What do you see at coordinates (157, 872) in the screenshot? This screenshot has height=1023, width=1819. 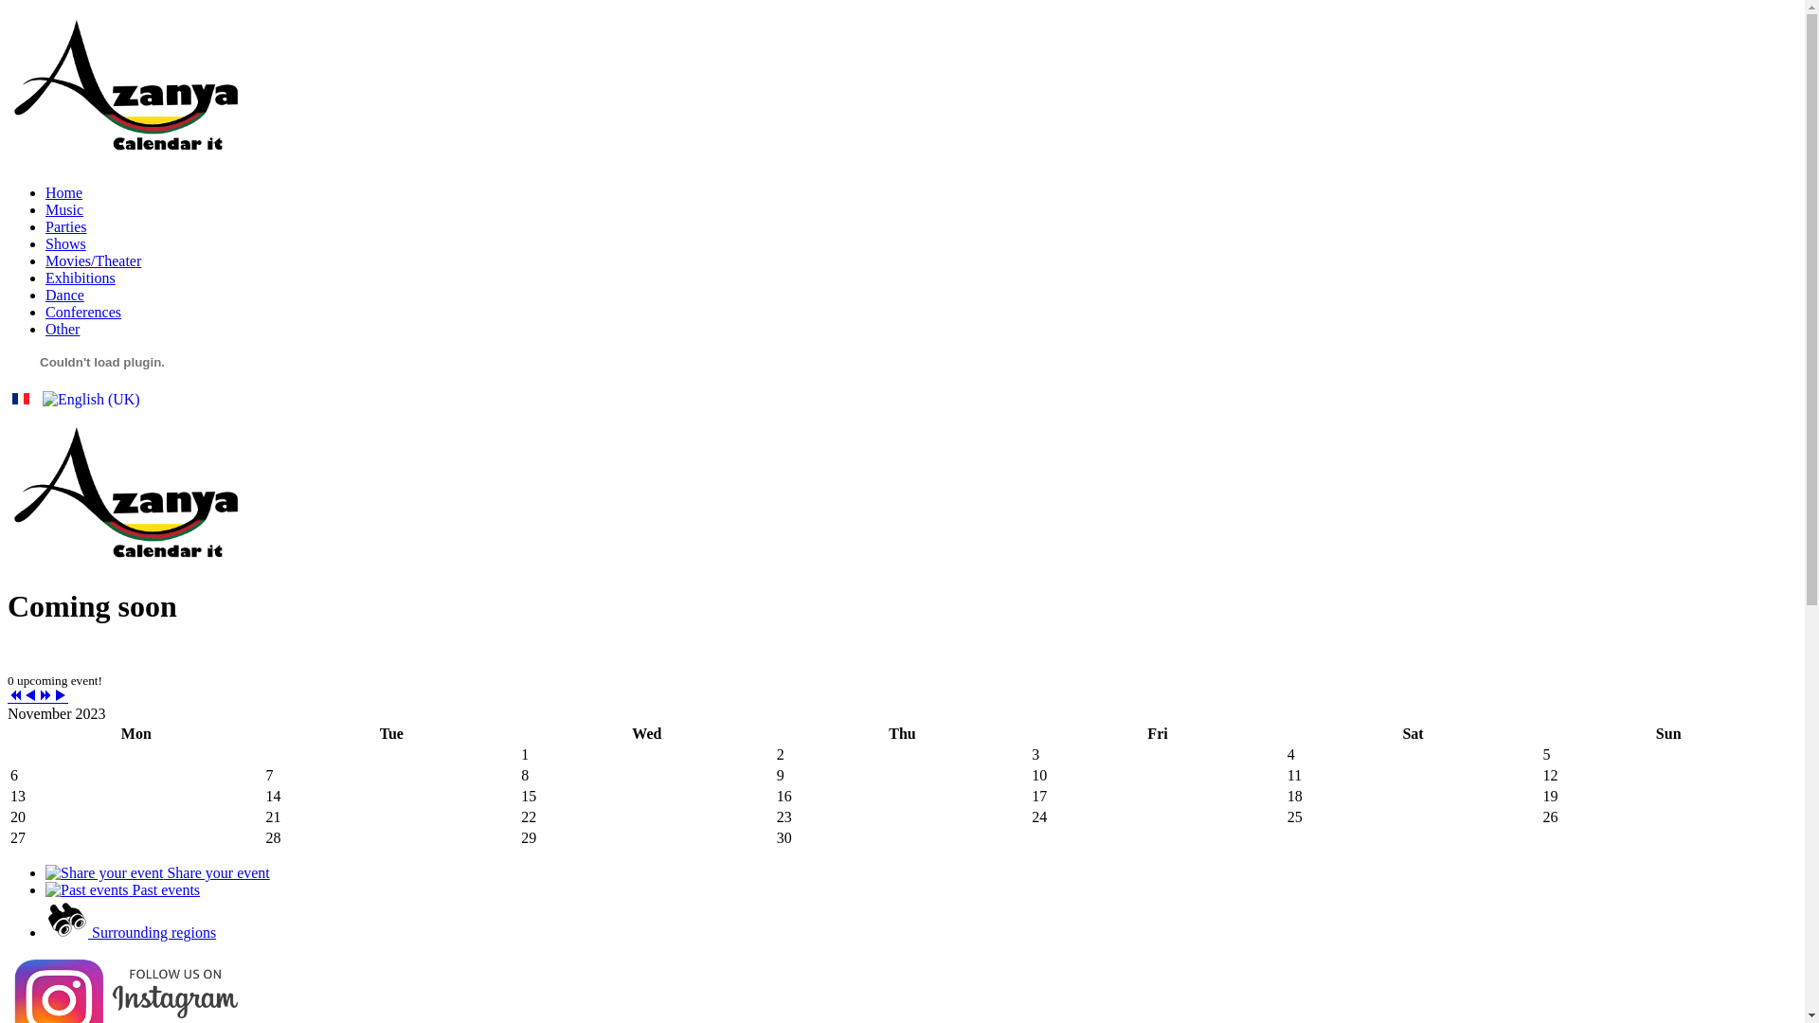 I see `'Share your event'` at bounding box center [157, 872].